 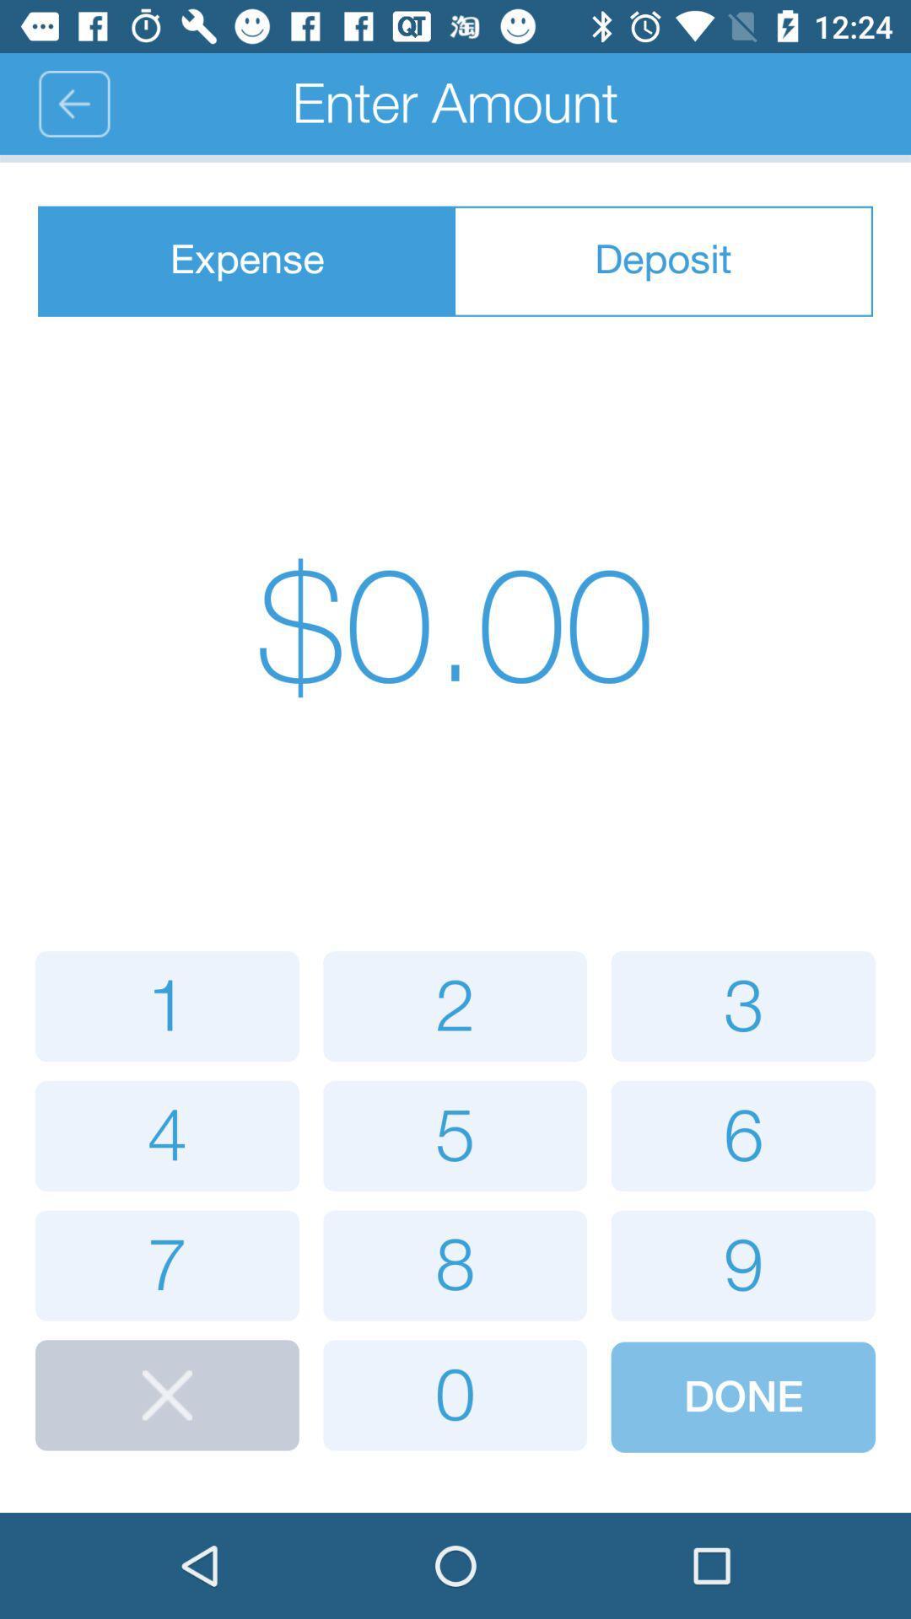 I want to click on 5 number below enter amount, so click(x=454, y=1136).